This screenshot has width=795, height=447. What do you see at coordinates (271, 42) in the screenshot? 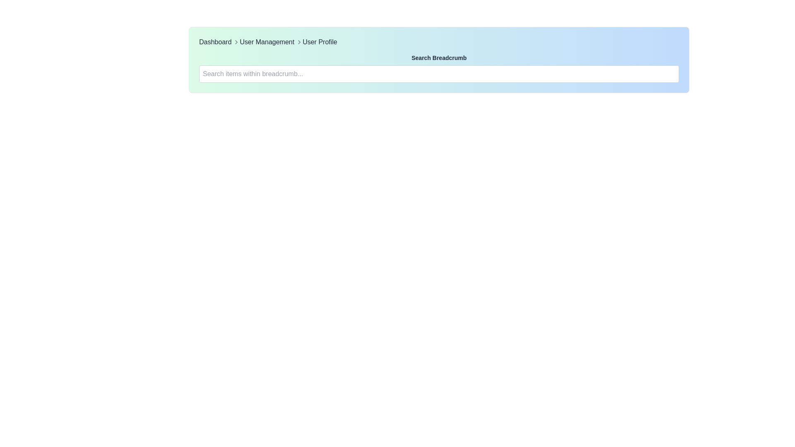
I see `the 'User Management' interactive text link in the breadcrumb navigation` at bounding box center [271, 42].